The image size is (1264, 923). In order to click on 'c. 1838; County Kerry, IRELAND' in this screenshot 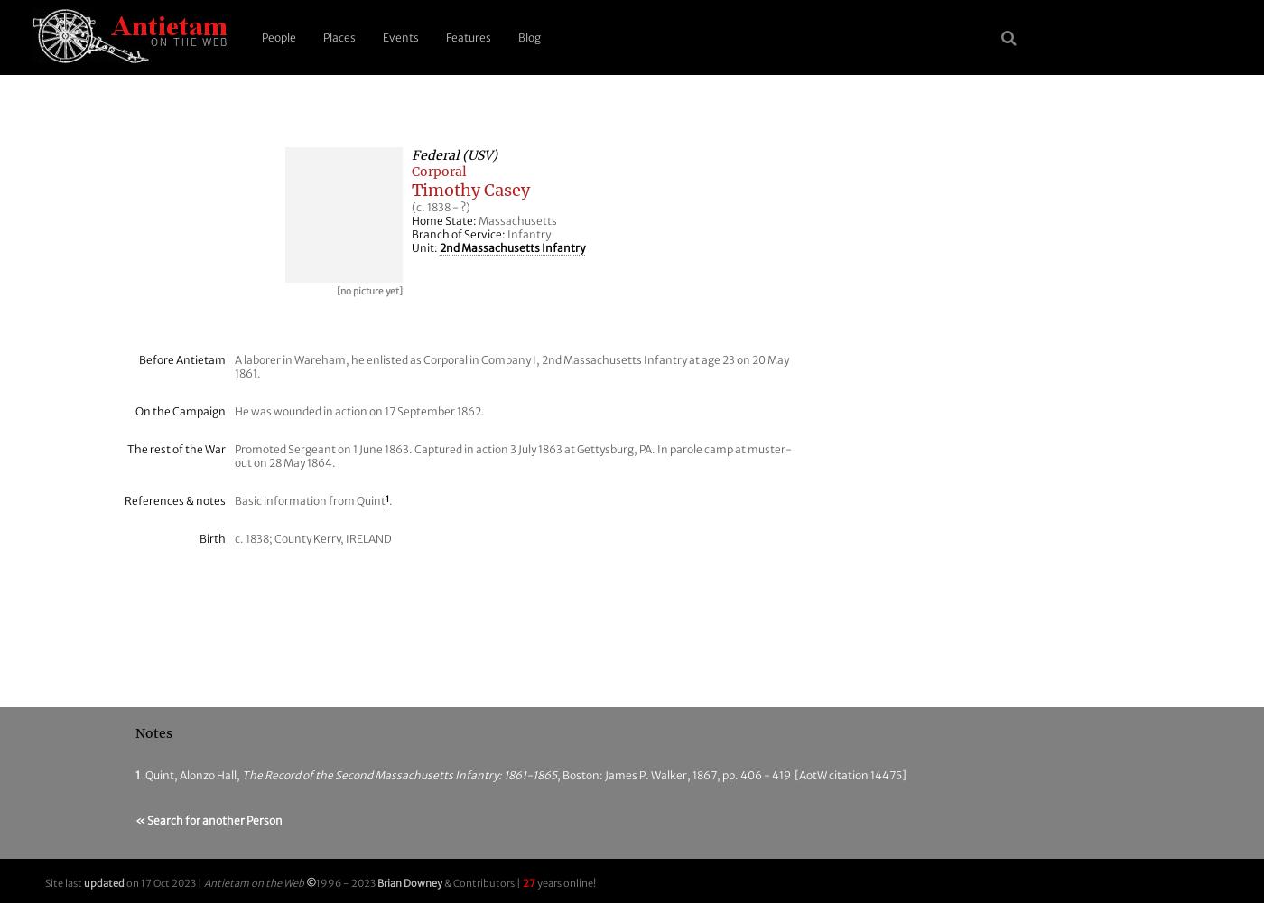, I will do `click(313, 537)`.